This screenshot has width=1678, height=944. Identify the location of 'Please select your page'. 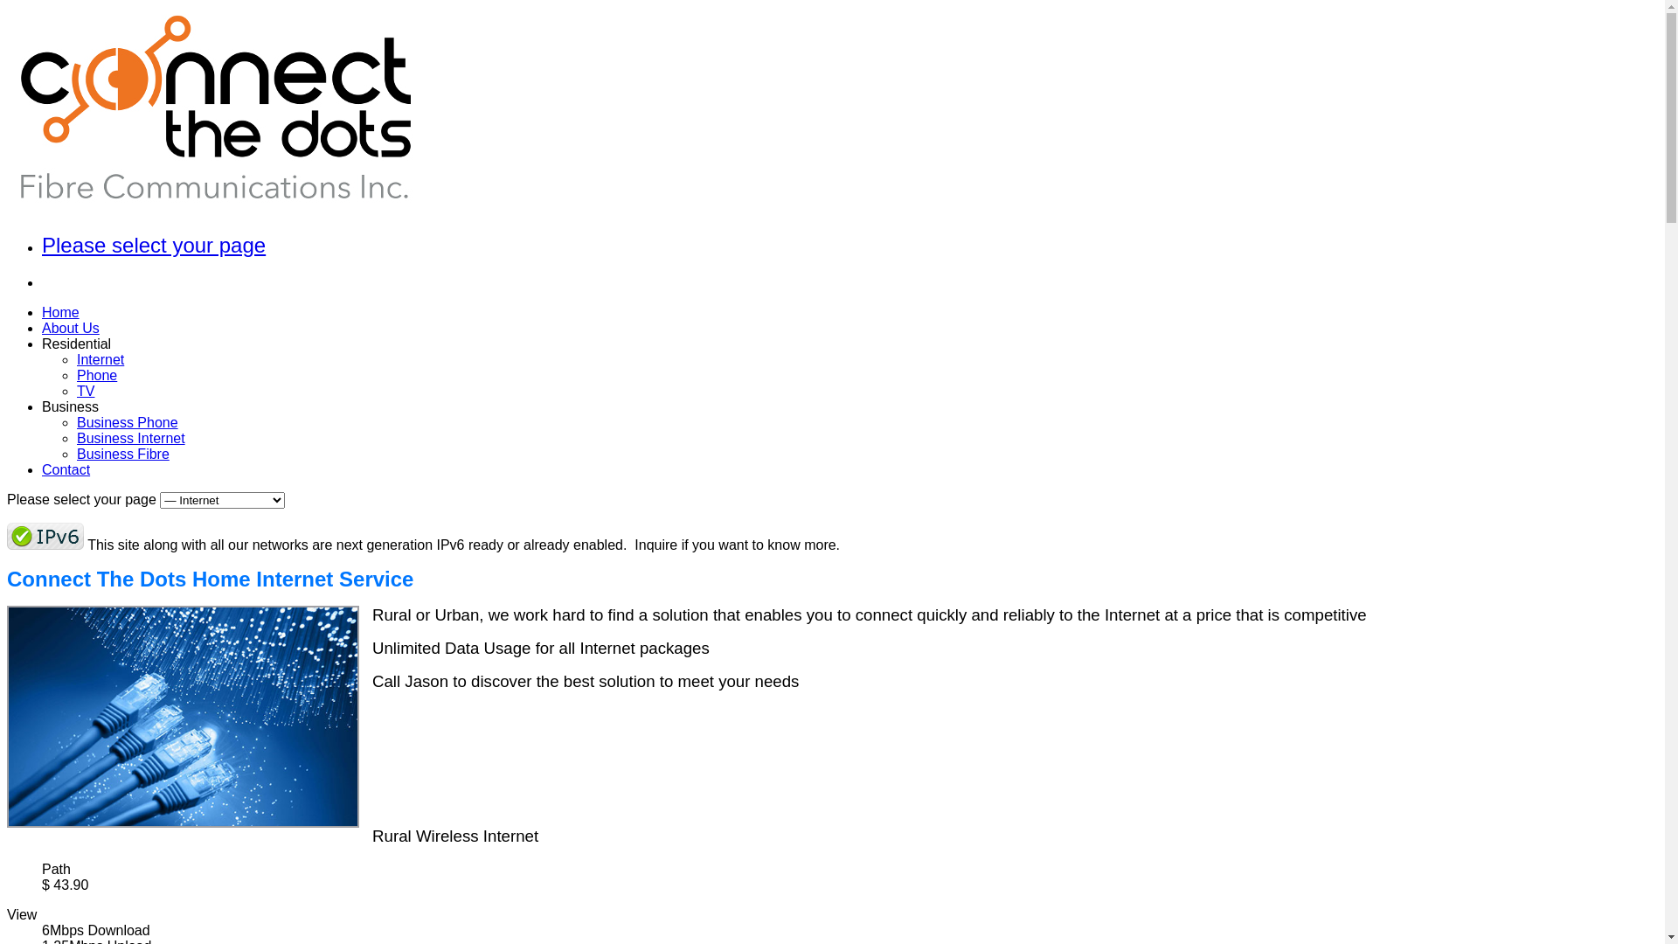
(154, 245).